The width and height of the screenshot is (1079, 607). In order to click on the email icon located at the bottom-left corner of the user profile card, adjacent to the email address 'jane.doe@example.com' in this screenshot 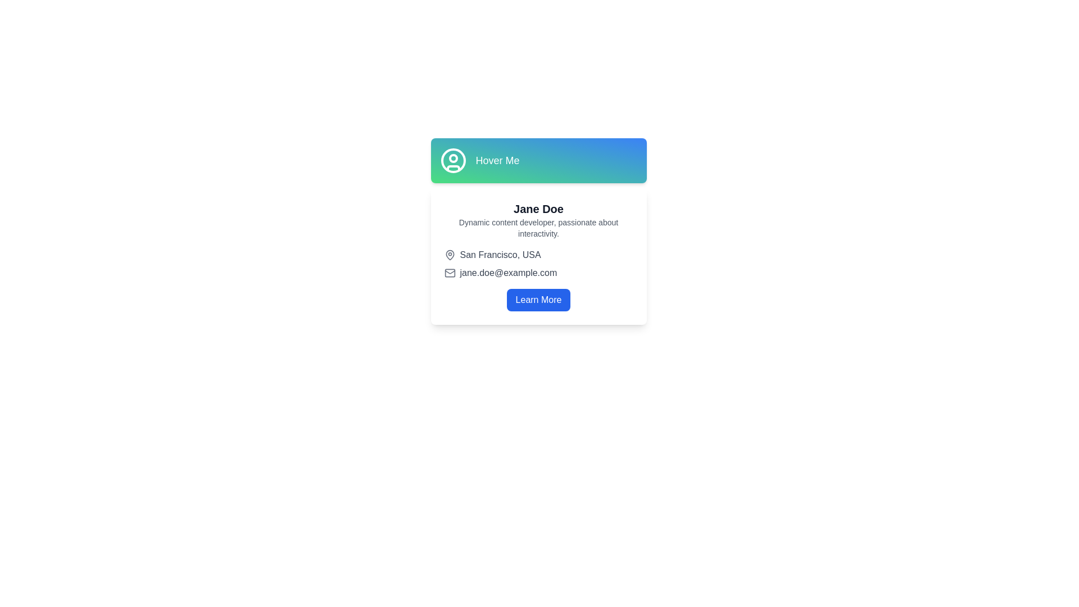, I will do `click(450, 273)`.